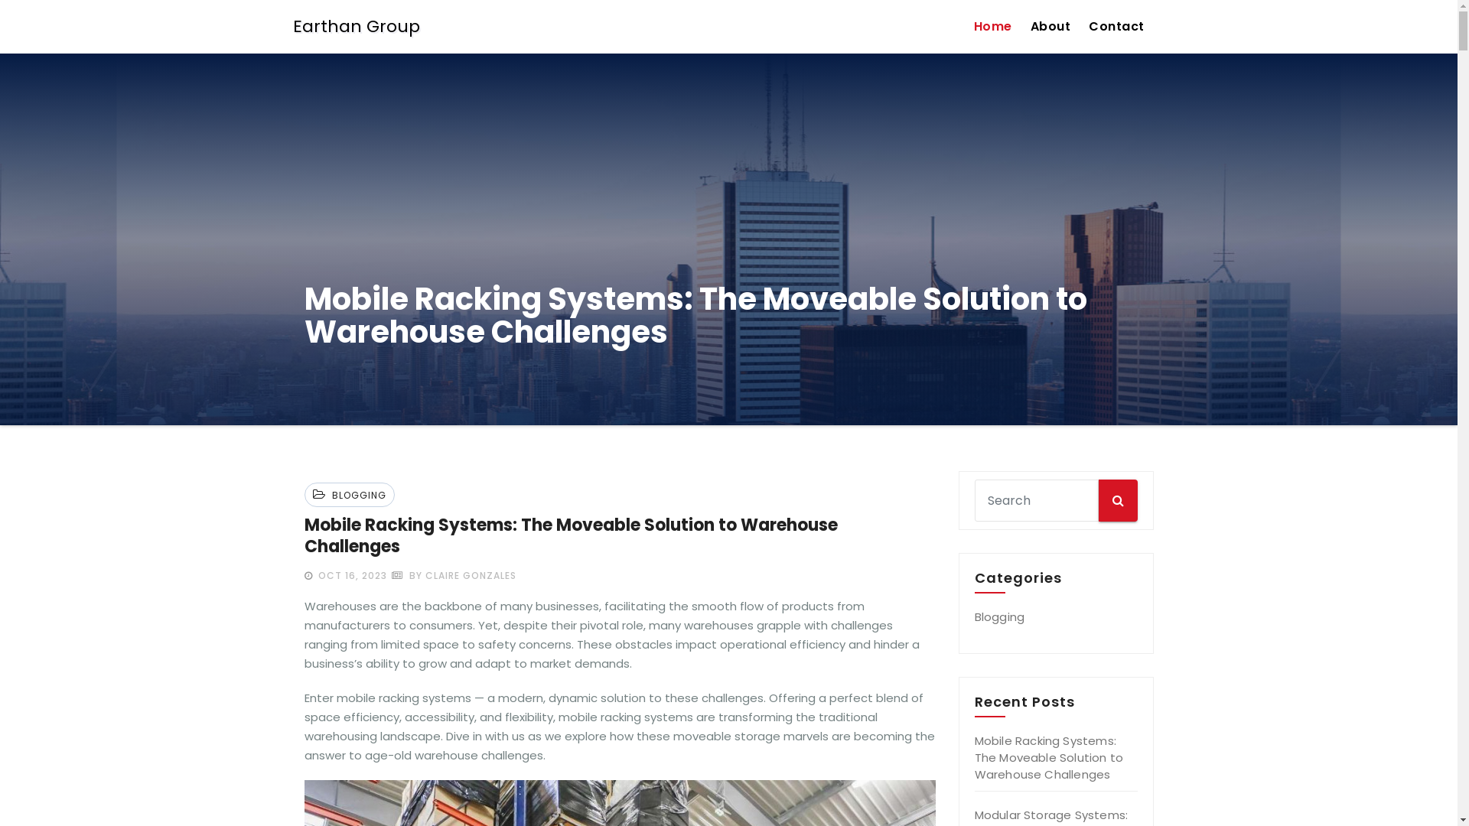 Image resolution: width=1469 pixels, height=826 pixels. I want to click on 'BY CLAIRE GONZALES', so click(453, 575).